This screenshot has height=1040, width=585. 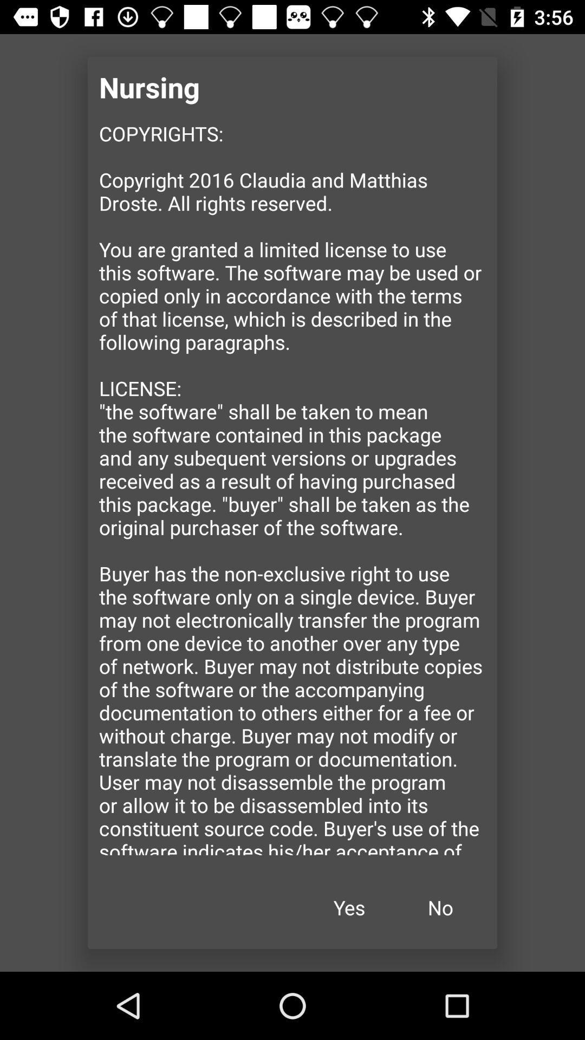 What do you see at coordinates (349, 907) in the screenshot?
I see `icon below the copyrights copyright 2016 item` at bounding box center [349, 907].